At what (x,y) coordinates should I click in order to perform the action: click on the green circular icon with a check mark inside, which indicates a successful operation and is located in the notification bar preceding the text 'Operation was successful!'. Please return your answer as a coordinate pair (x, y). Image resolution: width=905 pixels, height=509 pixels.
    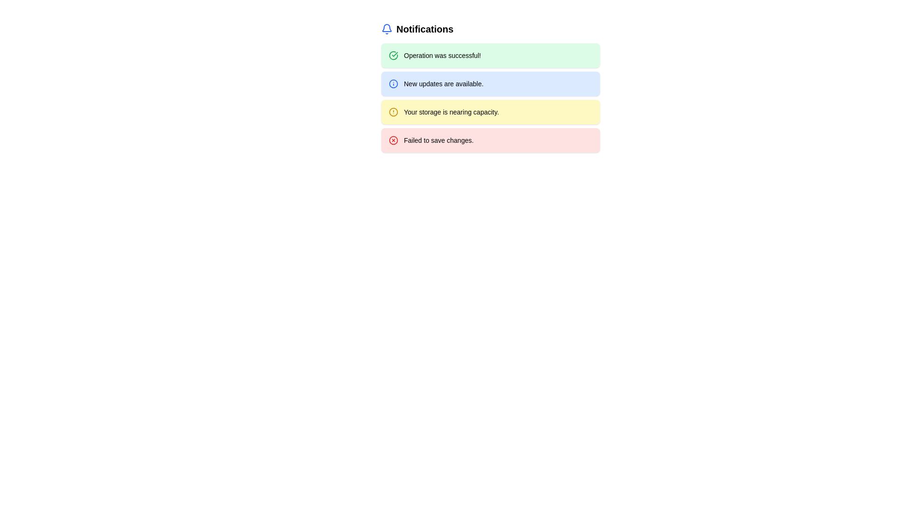
    Looking at the image, I should click on (394, 56).